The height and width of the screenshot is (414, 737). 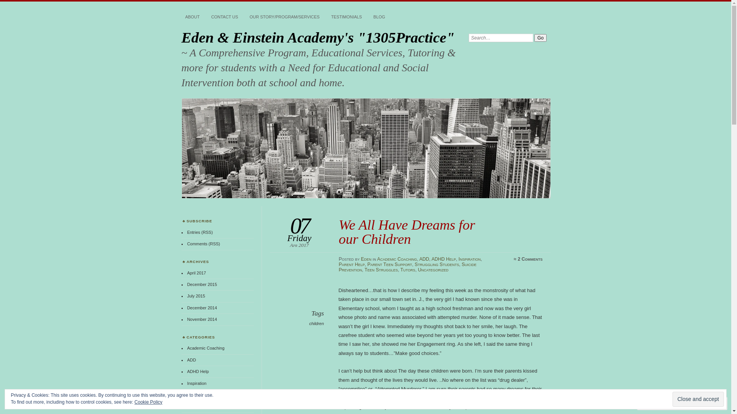 I want to click on 'Go', so click(x=540, y=38).